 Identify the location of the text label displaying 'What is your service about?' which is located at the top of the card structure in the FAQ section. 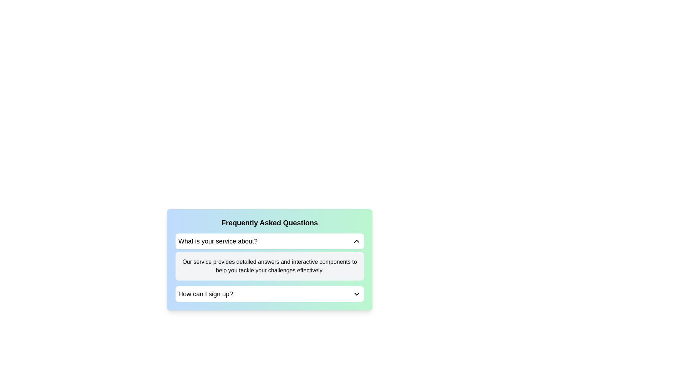
(218, 241).